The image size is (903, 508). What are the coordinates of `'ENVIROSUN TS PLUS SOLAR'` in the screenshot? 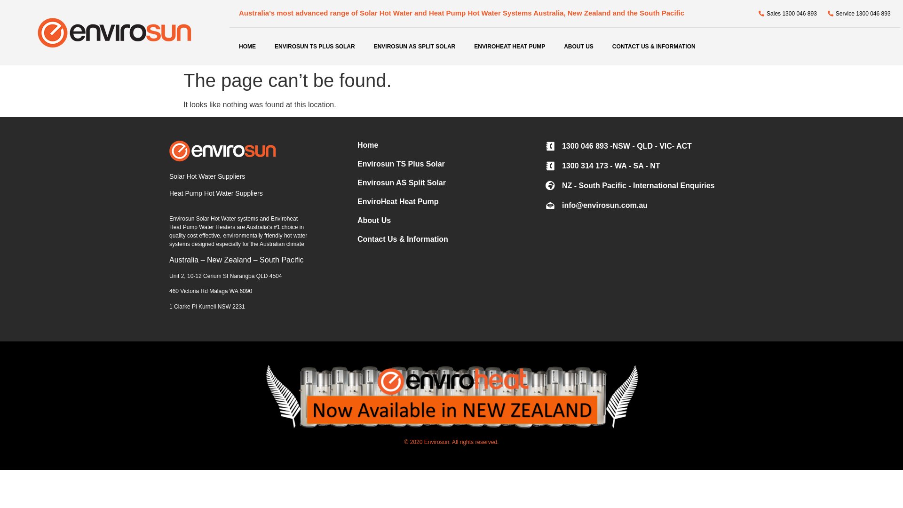 It's located at (315, 47).